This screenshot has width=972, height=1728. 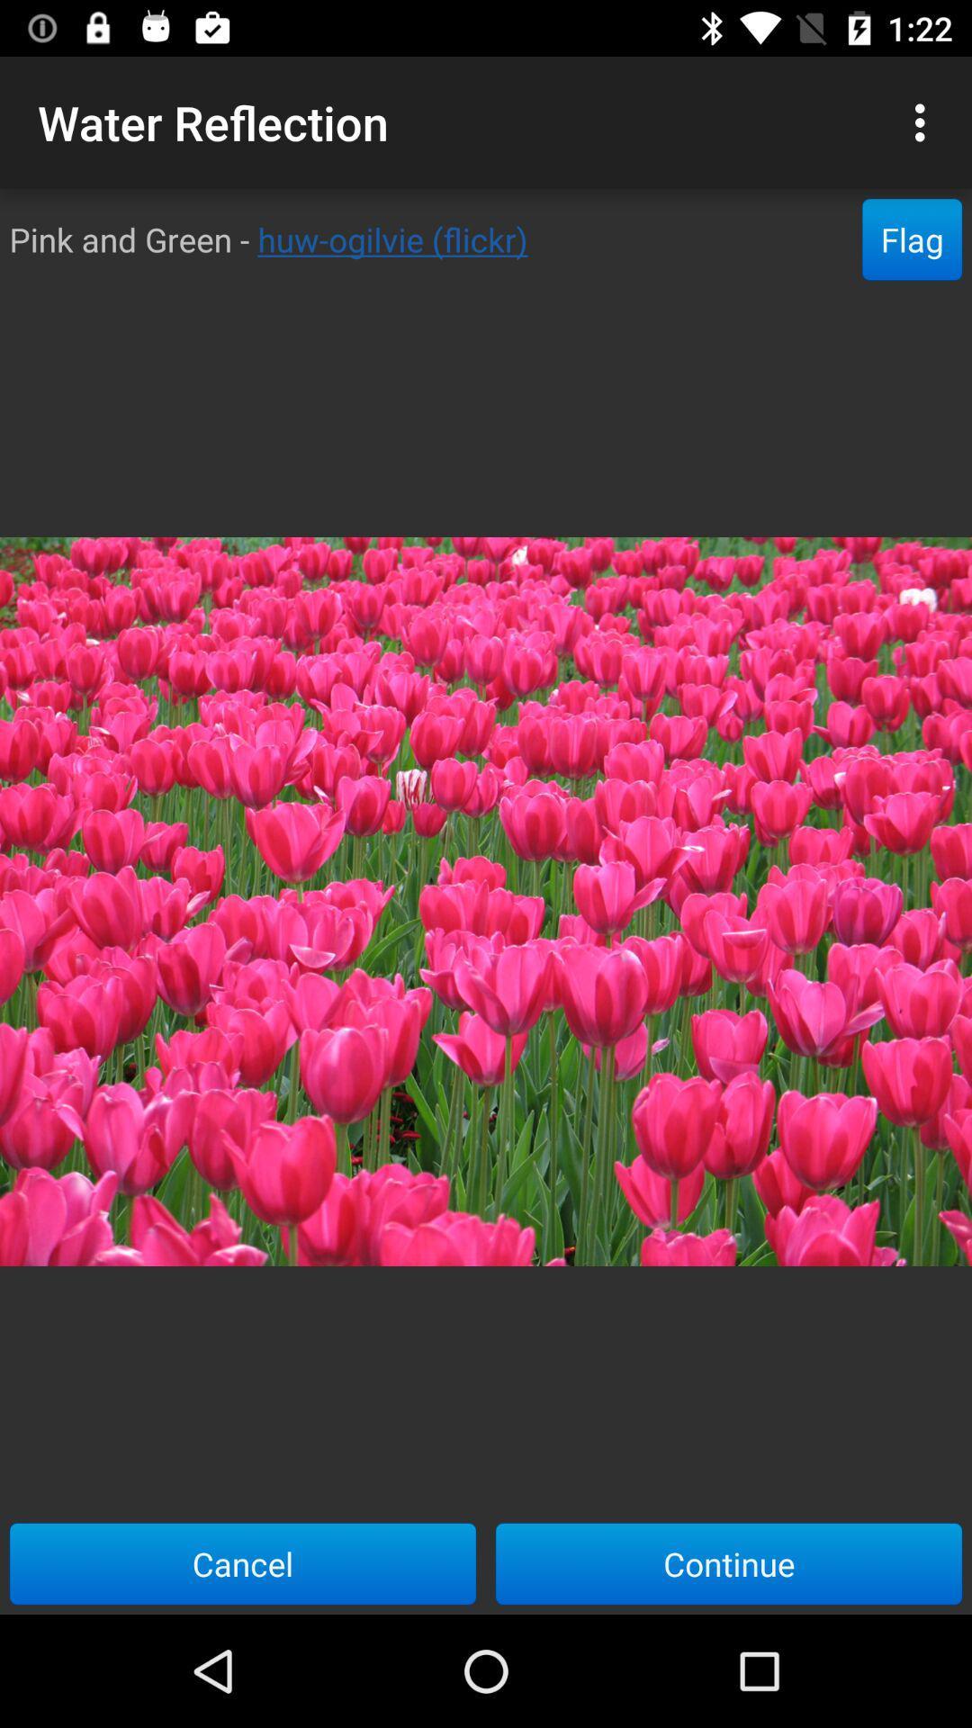 What do you see at coordinates (912, 238) in the screenshot?
I see `flag item` at bounding box center [912, 238].